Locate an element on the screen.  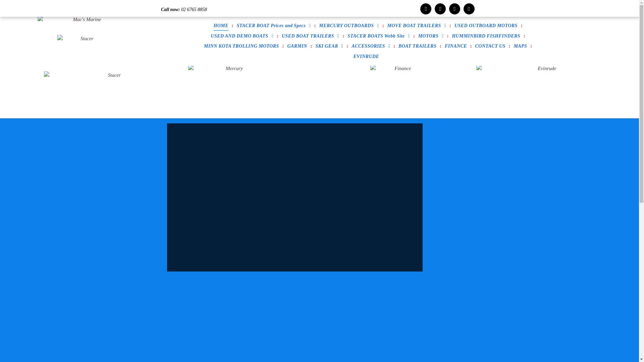
'CONTACT US' is located at coordinates (471, 46).